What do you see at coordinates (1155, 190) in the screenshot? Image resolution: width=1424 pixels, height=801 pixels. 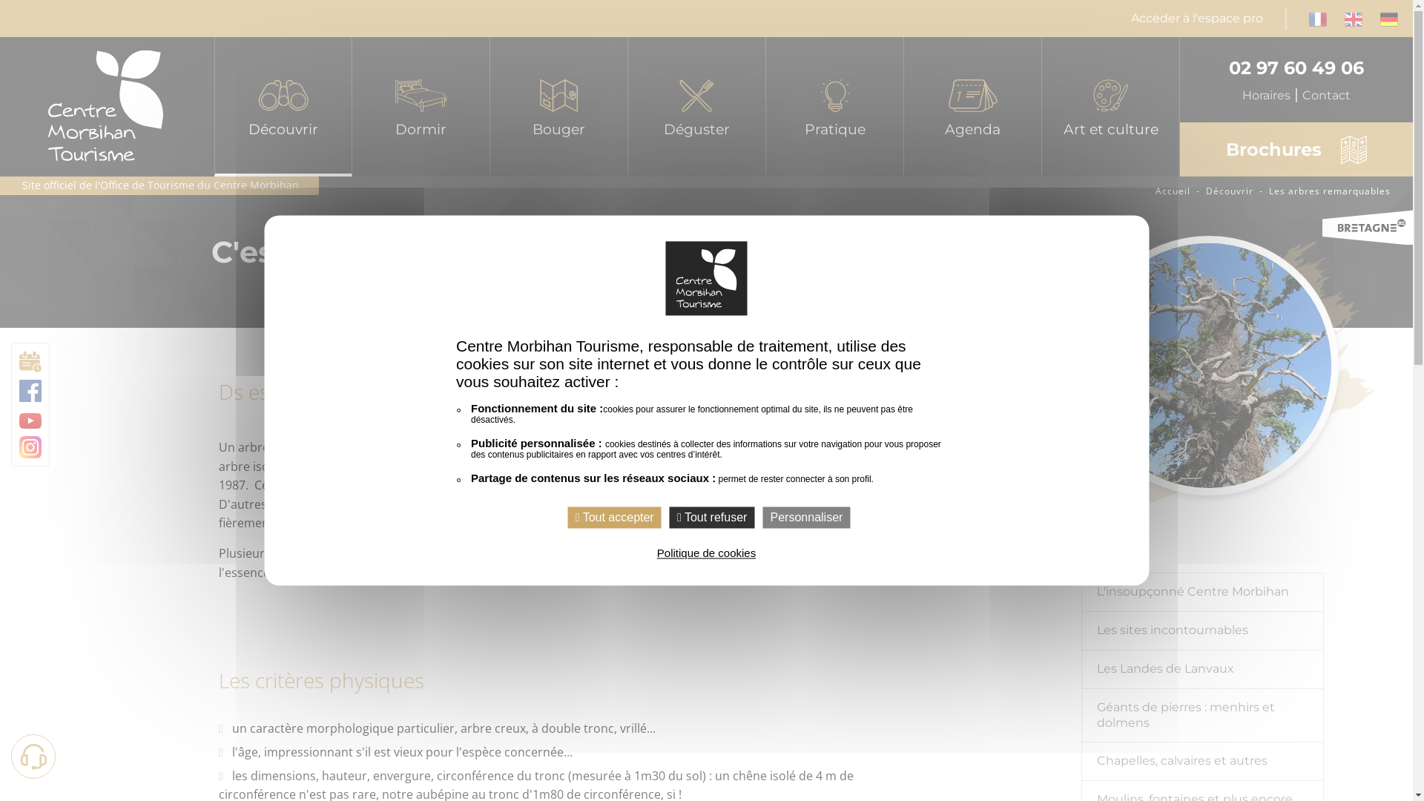 I see `'Accueil'` at bounding box center [1155, 190].